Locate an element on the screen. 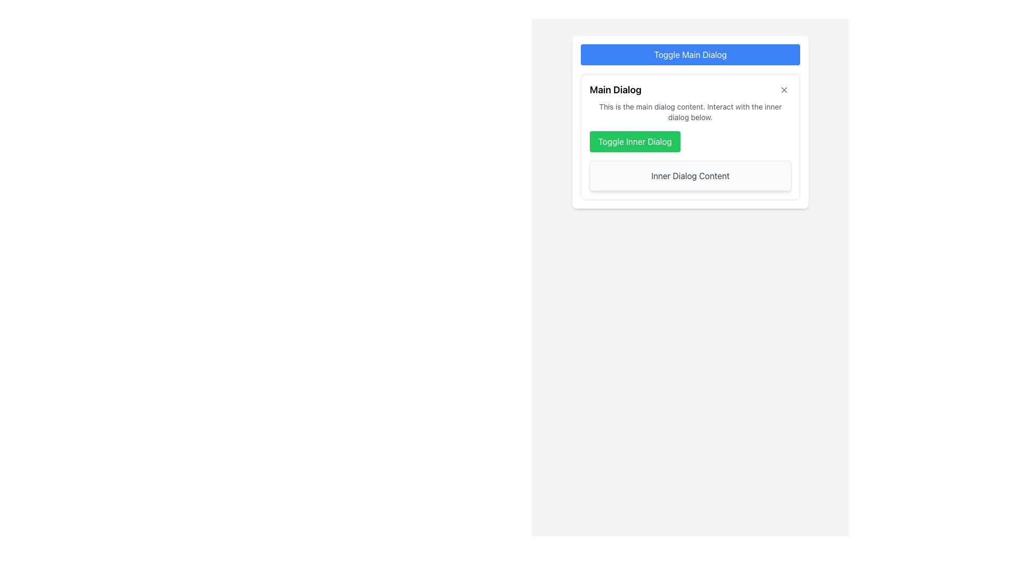 This screenshot has width=1012, height=569. the close icon button located in the top-right corner of the dialog interface, next to the 'Main Dialog' title is located at coordinates (784, 89).